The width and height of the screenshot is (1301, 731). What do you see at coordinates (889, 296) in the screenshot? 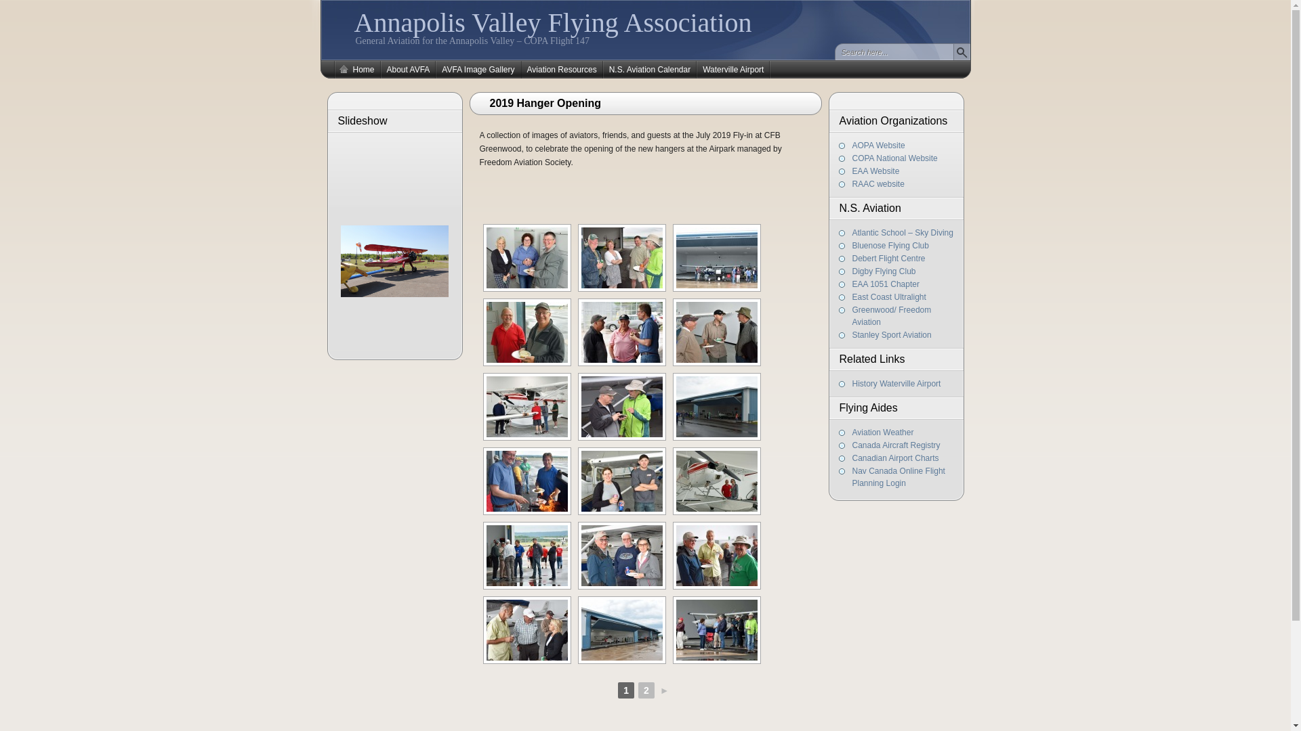
I see `'East Coast Ultralight'` at bounding box center [889, 296].